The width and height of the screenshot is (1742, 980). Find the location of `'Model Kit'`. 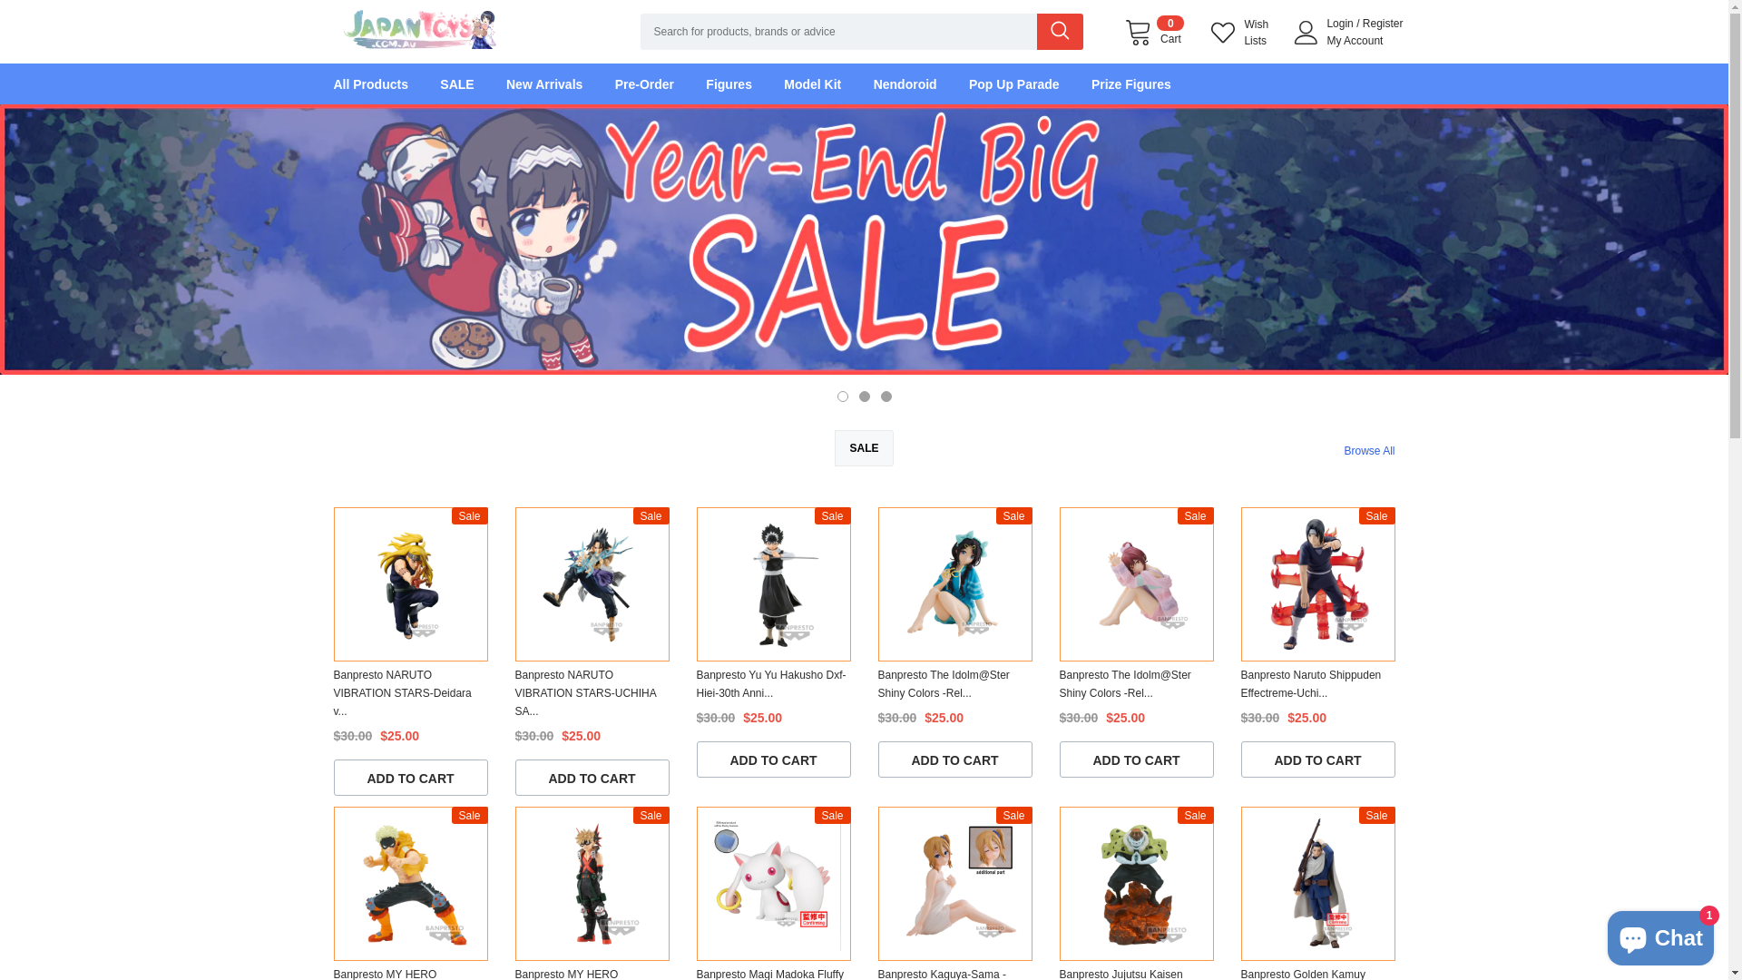

'Model Kit' is located at coordinates (826, 83).